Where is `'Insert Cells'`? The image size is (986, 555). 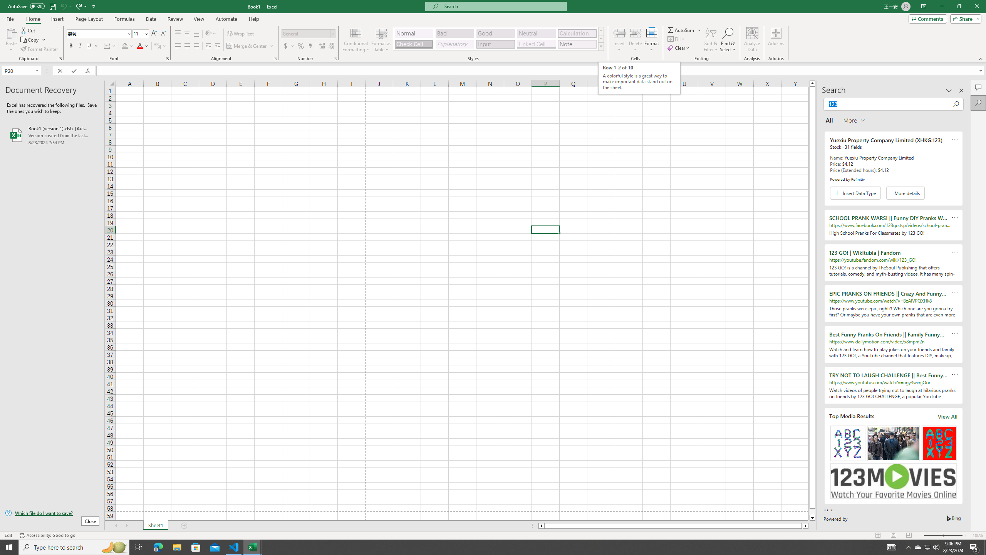
'Insert Cells' is located at coordinates (619, 32).